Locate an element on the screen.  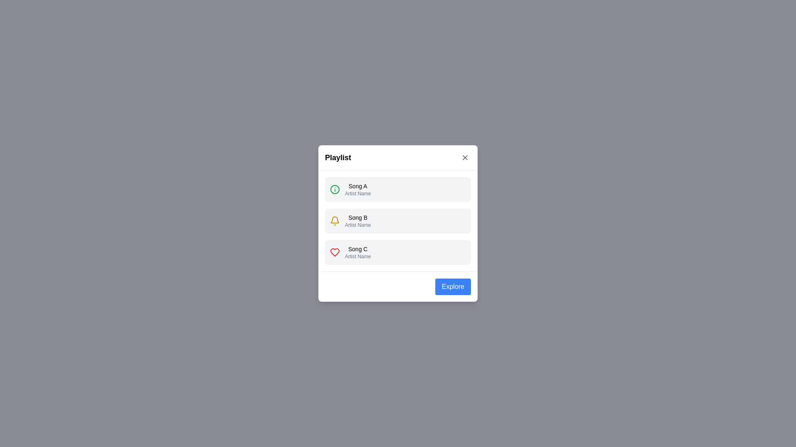
the bell icon for 'Song B' in the playlist, which signifies notifications or alerts for this song is located at coordinates (335, 220).